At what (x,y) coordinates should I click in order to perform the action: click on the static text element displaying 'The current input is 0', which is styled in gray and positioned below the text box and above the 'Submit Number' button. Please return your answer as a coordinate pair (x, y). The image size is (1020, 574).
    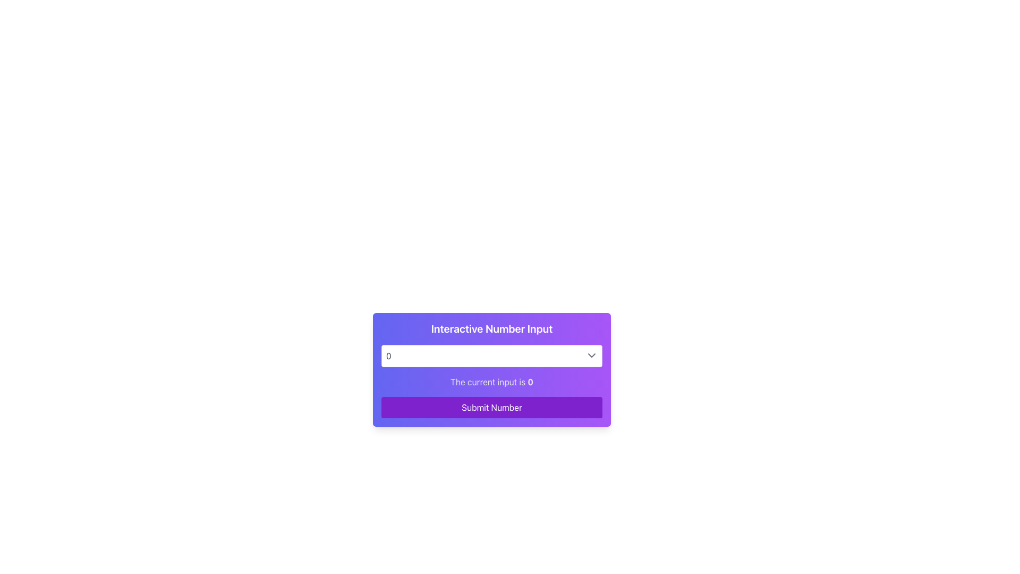
    Looking at the image, I should click on (491, 381).